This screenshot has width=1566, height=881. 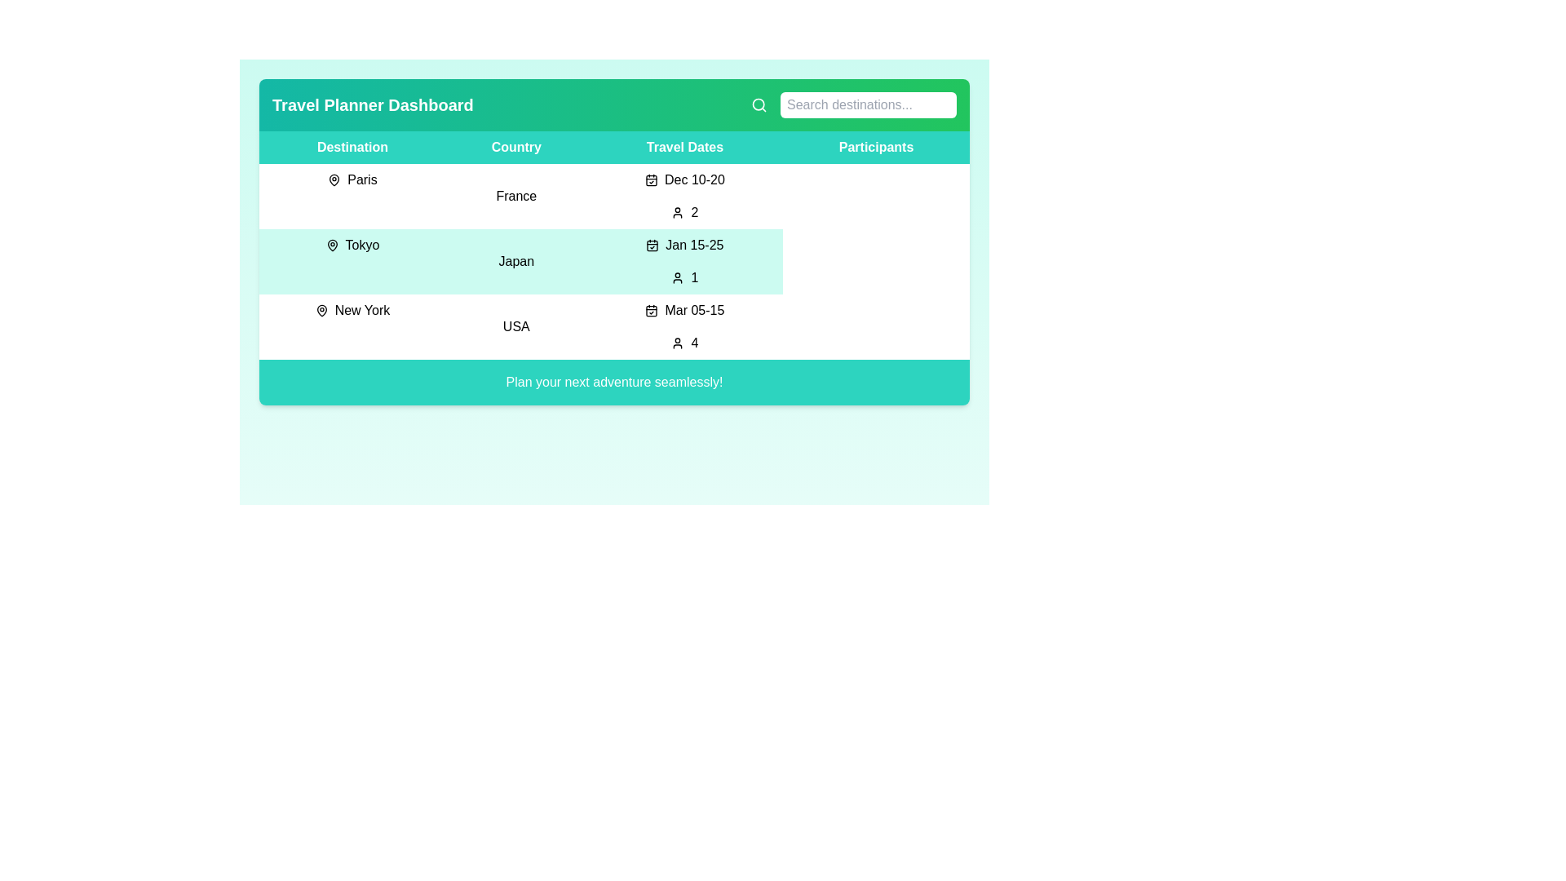 I want to click on the text display showing the date range 'Mar 05-15' with a calendar icon in the 'Travel Dates' column, specifically in the third row for 'New York, USA', so click(x=685, y=311).